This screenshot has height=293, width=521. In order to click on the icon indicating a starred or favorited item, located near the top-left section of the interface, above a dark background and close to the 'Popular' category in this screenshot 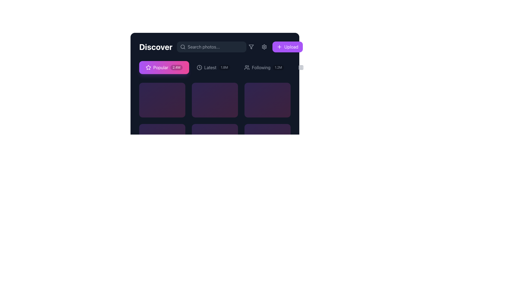, I will do `click(148, 67)`.